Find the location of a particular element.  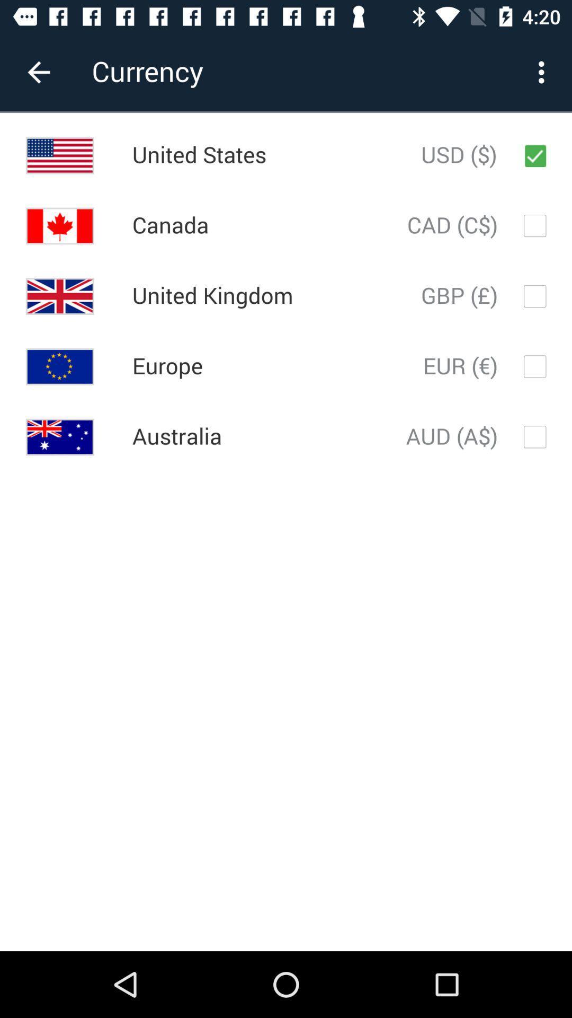

the item to the right of europe icon is located at coordinates (460, 366).